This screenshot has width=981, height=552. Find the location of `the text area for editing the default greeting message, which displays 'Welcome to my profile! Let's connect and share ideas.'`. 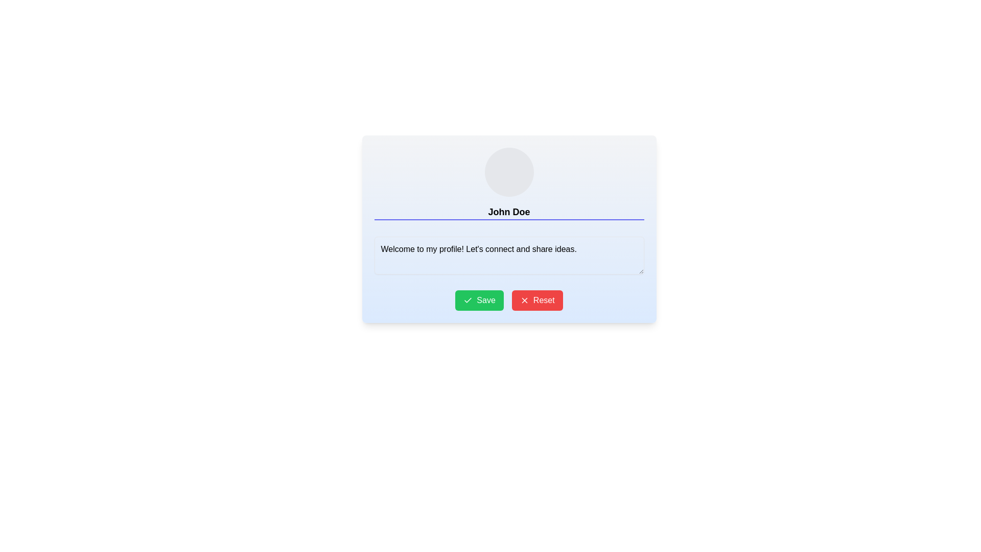

the text area for editing the default greeting message, which displays 'Welcome to my profile! Let's connect and share ideas.' is located at coordinates (509, 255).